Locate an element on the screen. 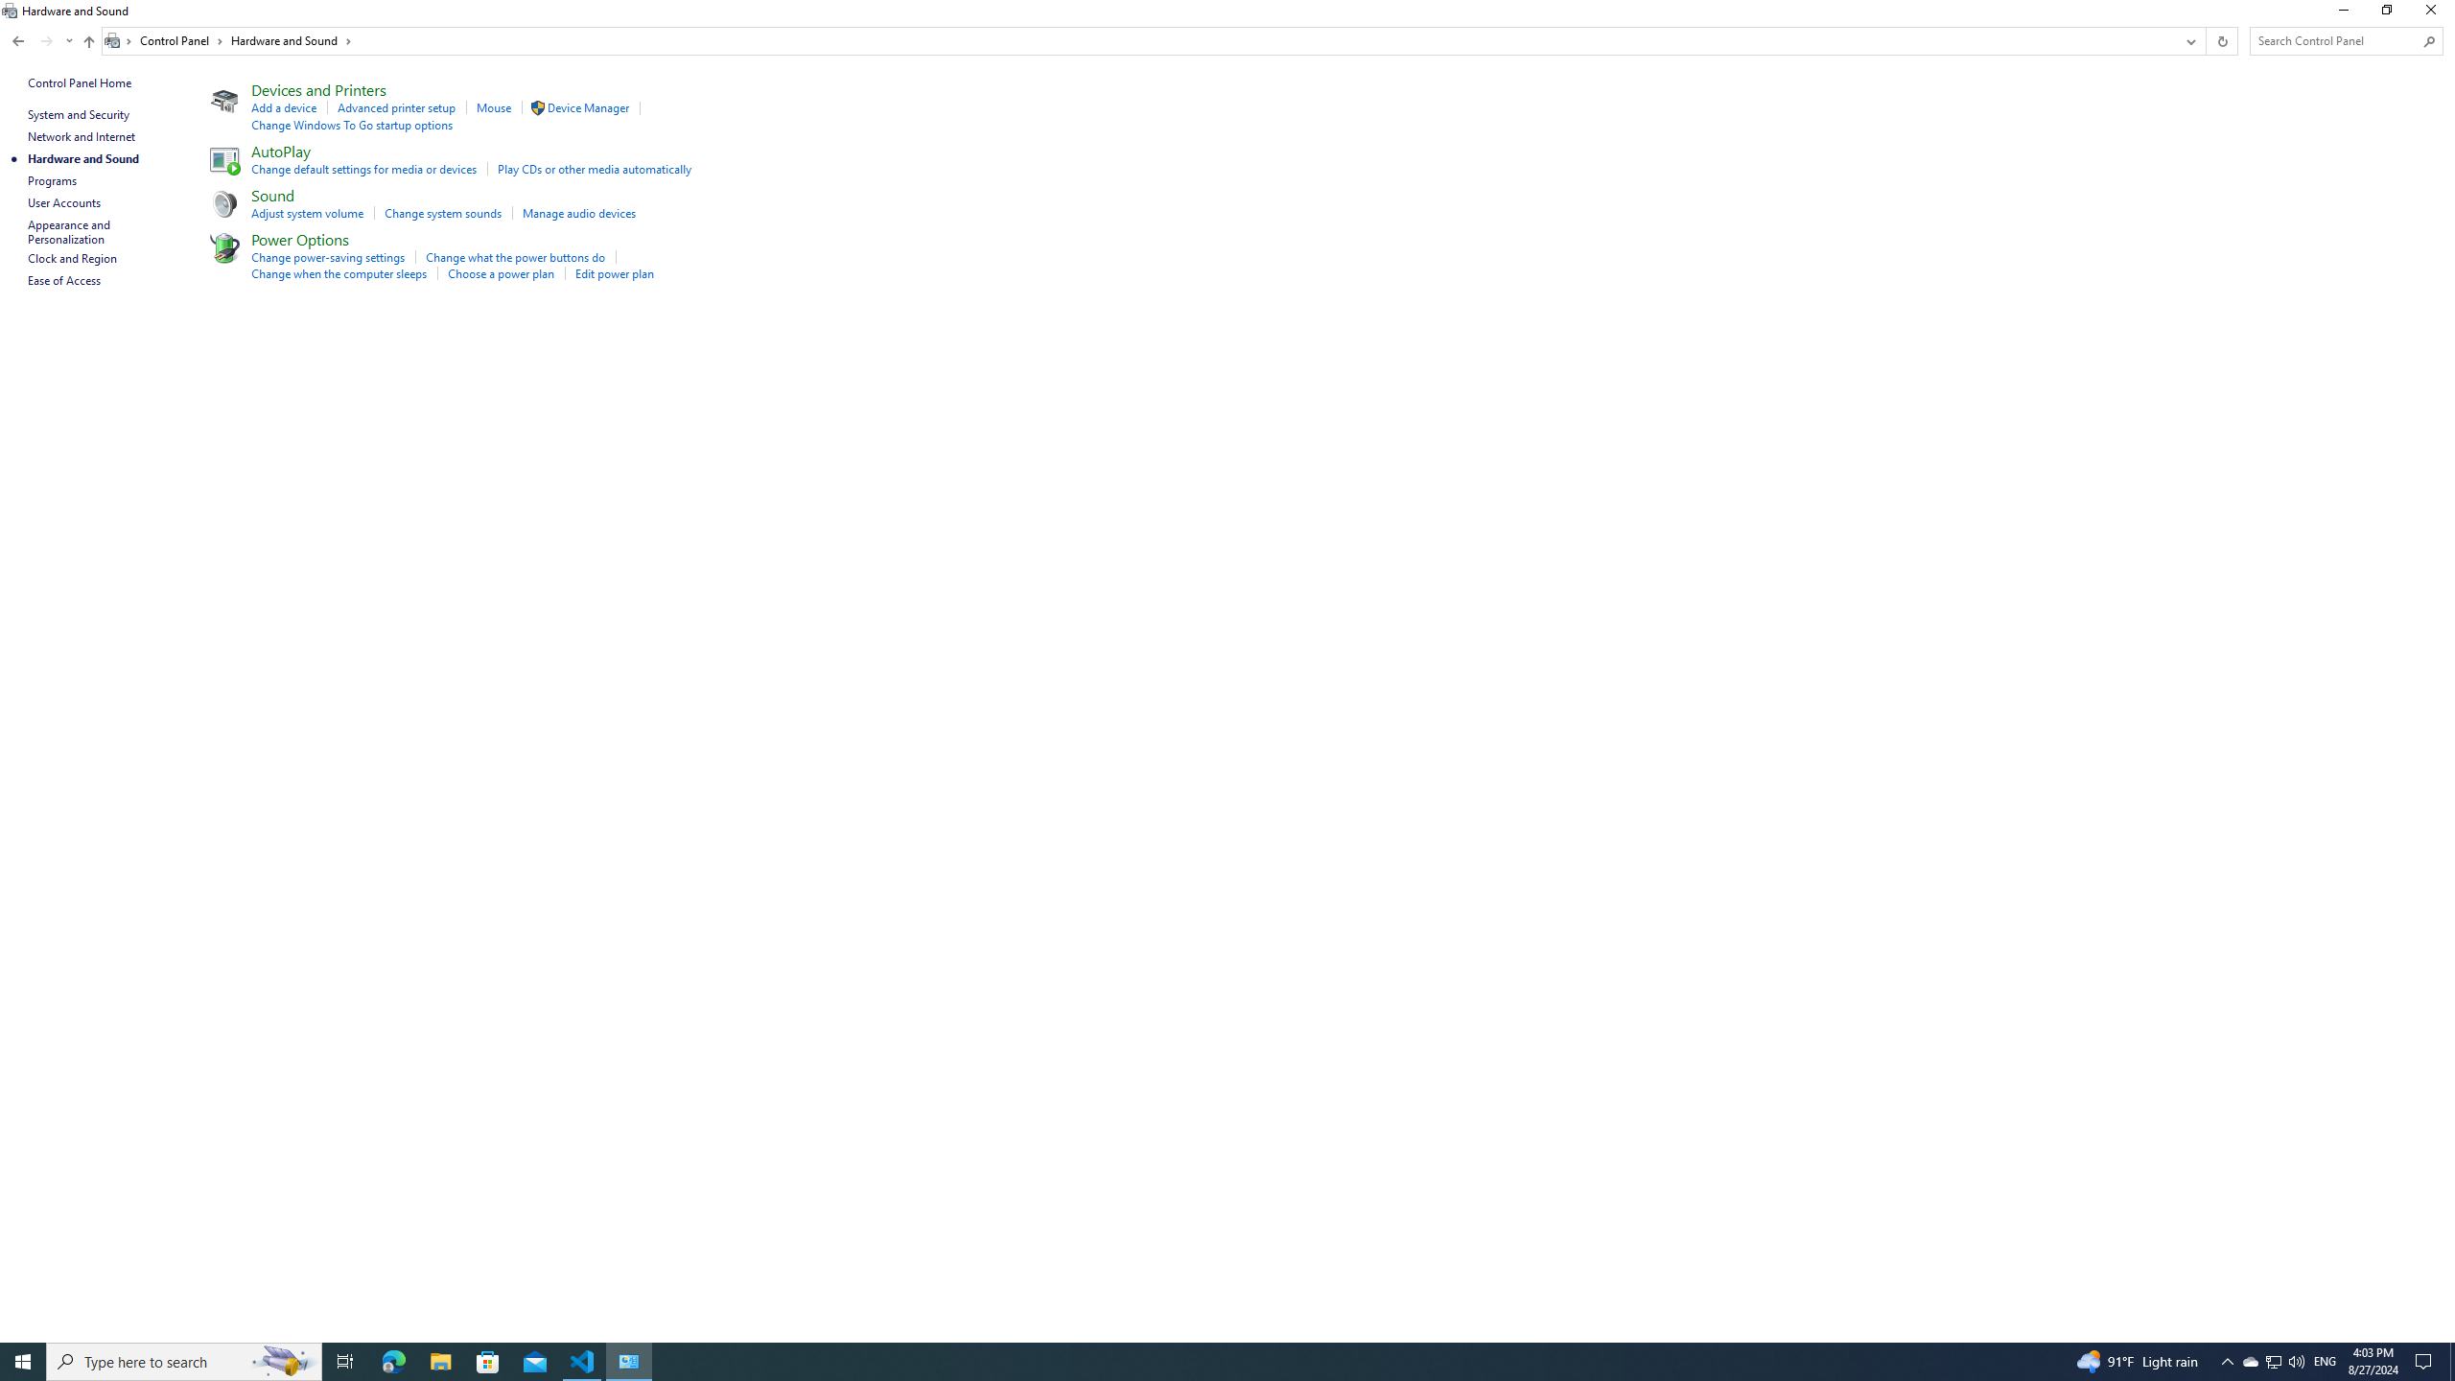 This screenshot has height=1381, width=2455. 'Up to "Control Panel" (Alt + Up Arrow)' is located at coordinates (89, 40).